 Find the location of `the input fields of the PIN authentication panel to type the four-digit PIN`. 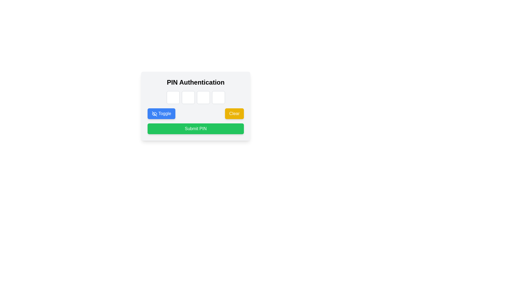

the input fields of the PIN authentication panel to type the four-digit PIN is located at coordinates (195, 106).